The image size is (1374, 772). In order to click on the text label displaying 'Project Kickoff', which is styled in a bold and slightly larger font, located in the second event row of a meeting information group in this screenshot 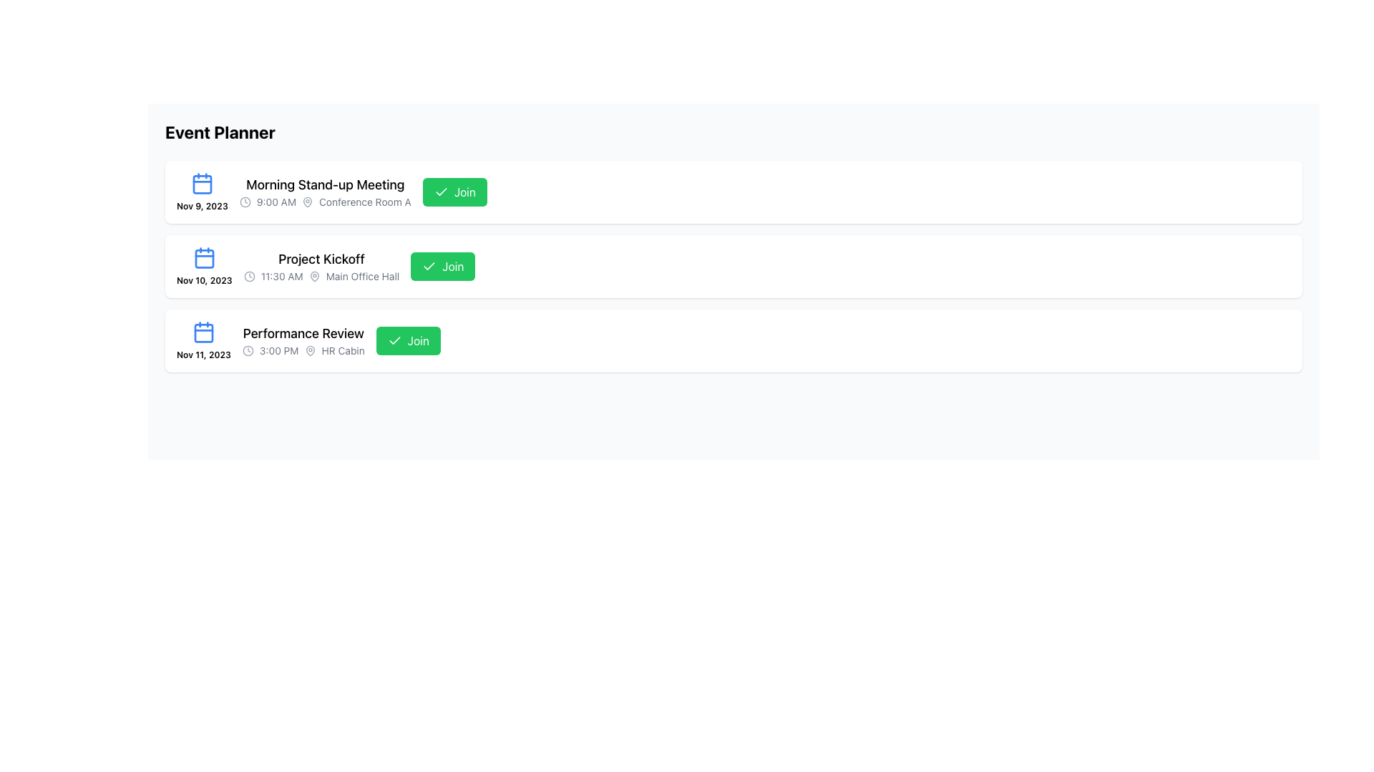, I will do `click(321, 259)`.